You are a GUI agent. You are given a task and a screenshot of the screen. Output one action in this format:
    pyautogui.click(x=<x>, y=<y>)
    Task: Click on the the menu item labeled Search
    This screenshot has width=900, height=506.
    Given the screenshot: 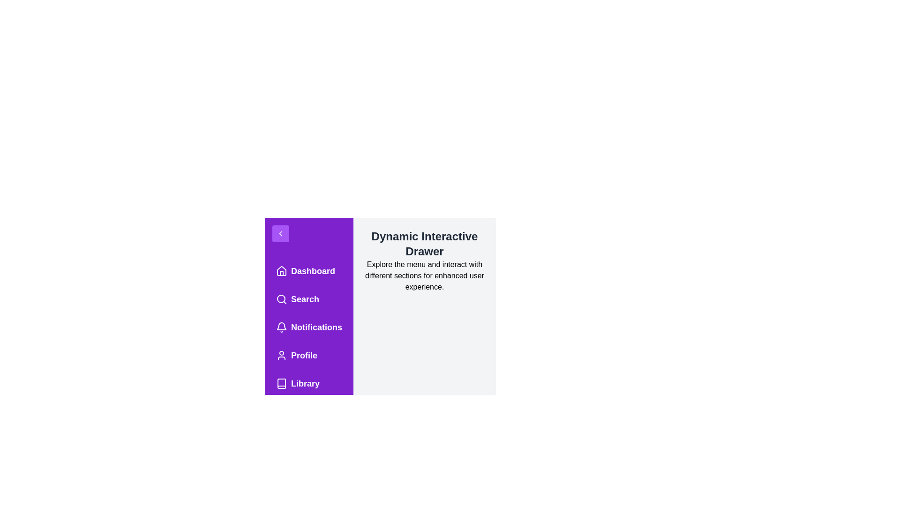 What is the action you would take?
    pyautogui.click(x=309, y=299)
    